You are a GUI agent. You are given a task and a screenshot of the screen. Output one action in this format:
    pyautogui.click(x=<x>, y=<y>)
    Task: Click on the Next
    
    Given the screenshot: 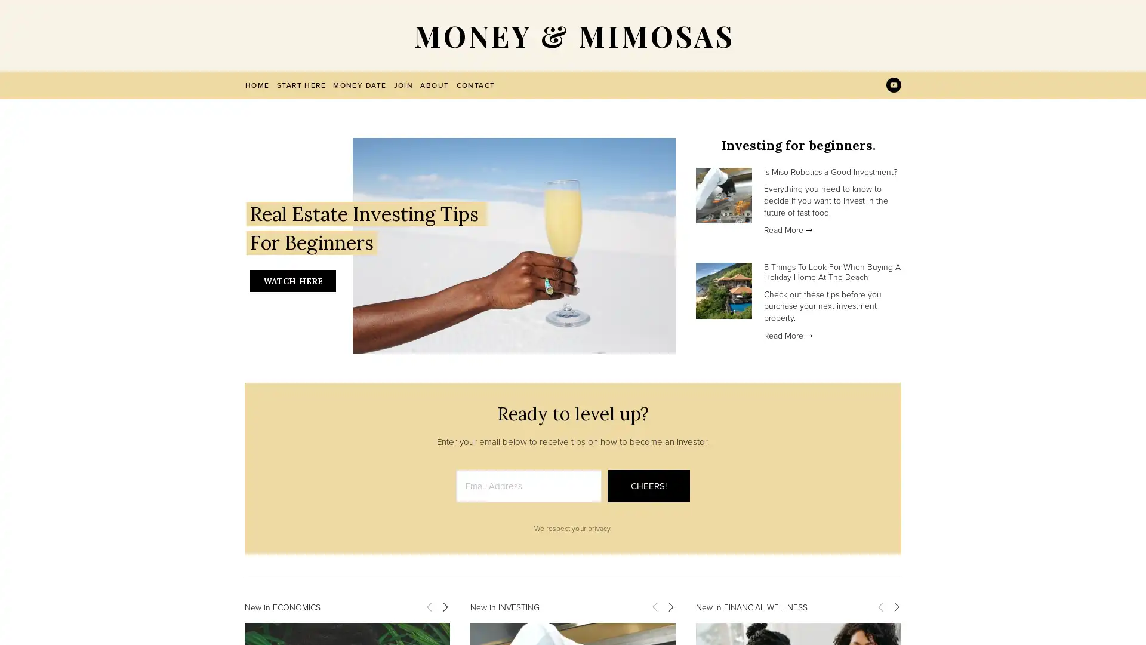 What is the action you would take?
    pyautogui.click(x=670, y=606)
    